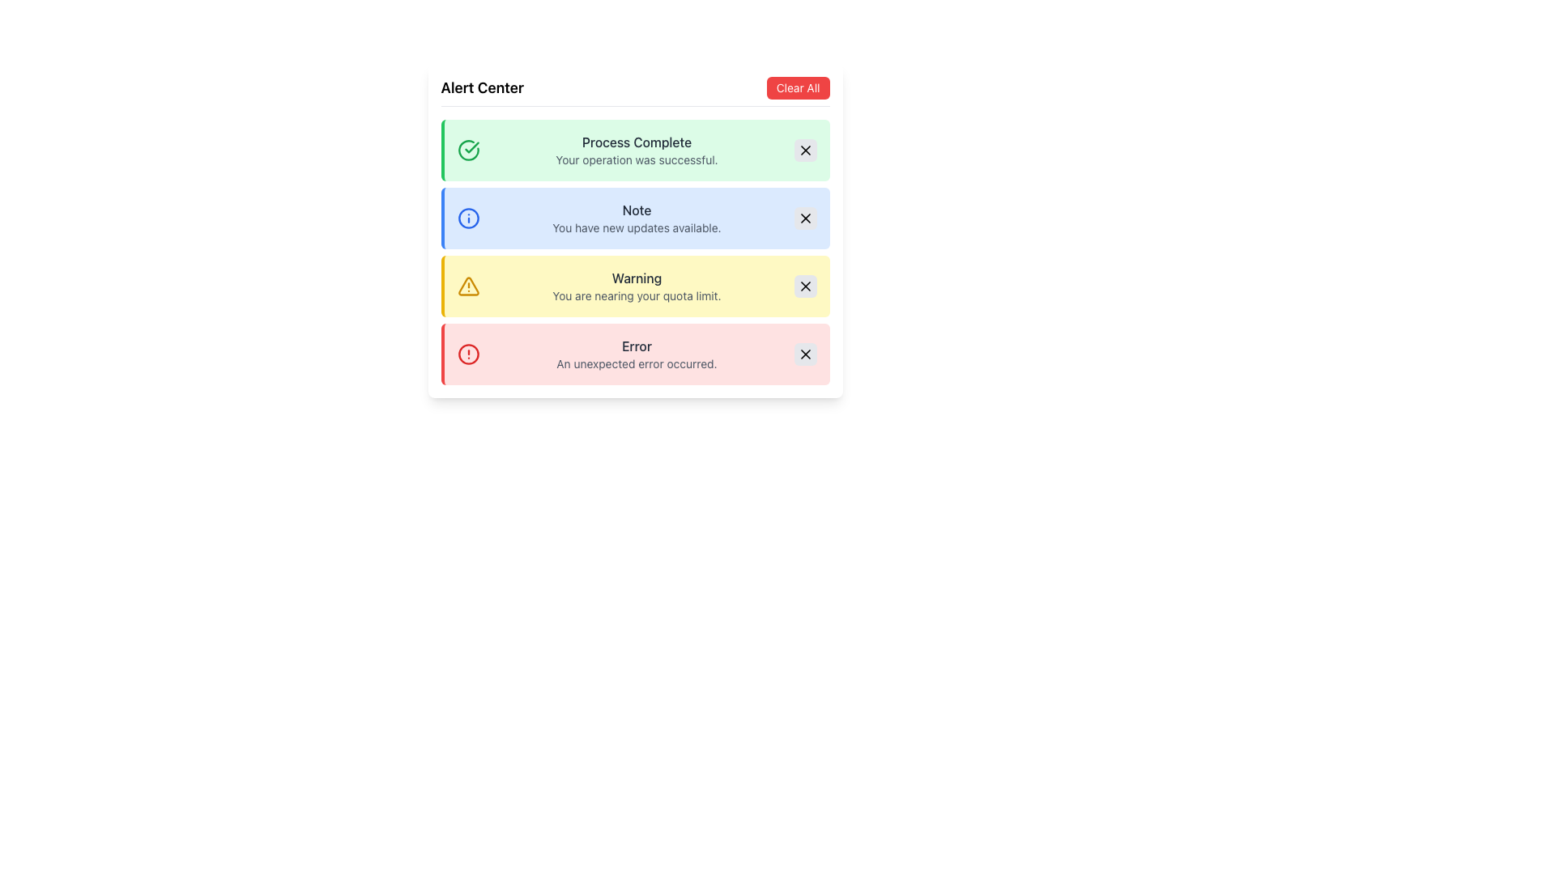  What do you see at coordinates (636, 150) in the screenshot?
I see `message from the text display in the green notification box located in the top section of notifications` at bounding box center [636, 150].